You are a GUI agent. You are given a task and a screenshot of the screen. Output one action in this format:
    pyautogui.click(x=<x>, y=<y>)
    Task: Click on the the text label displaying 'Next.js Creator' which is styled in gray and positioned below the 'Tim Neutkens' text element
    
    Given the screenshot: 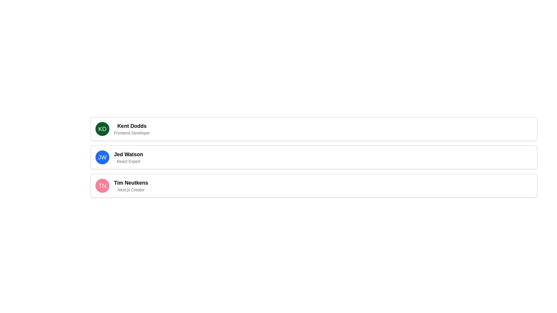 What is the action you would take?
    pyautogui.click(x=131, y=190)
    